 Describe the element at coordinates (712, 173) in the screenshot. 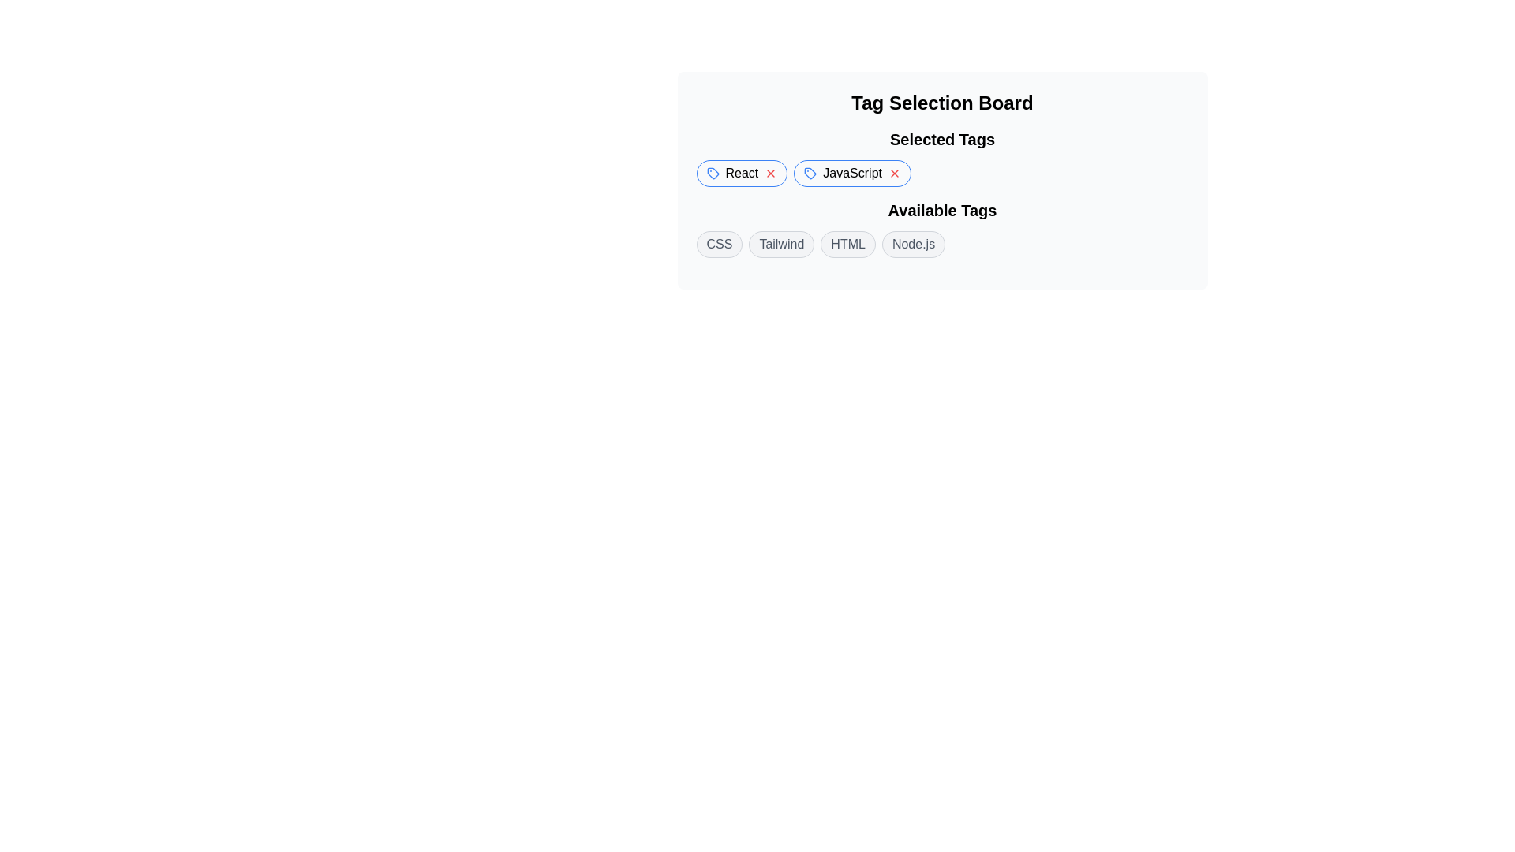

I see `the icon indicating that the 'React' tag is selected, which is located within the 'Selected Tags' section in the top-left of the board` at that location.